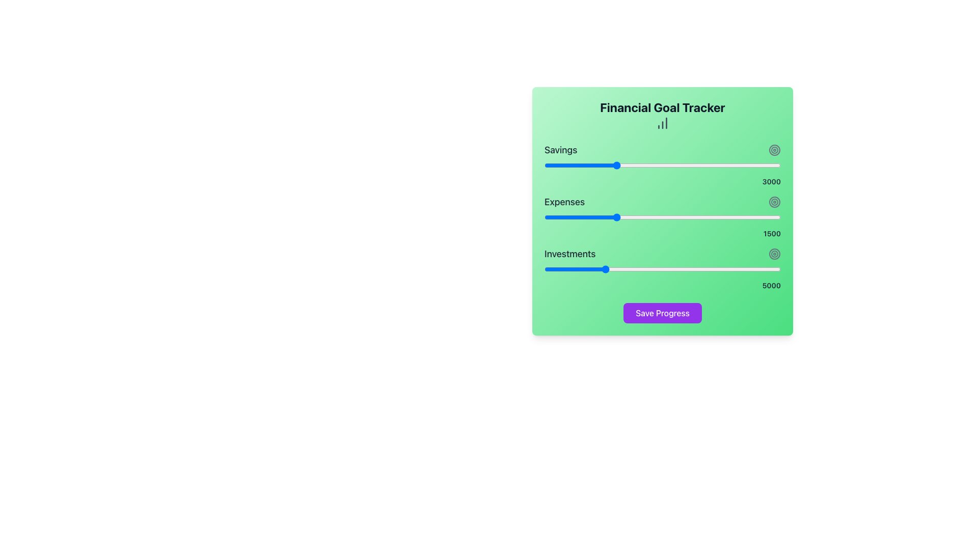 This screenshot has height=550, width=978. I want to click on the investment goal, so click(726, 268).